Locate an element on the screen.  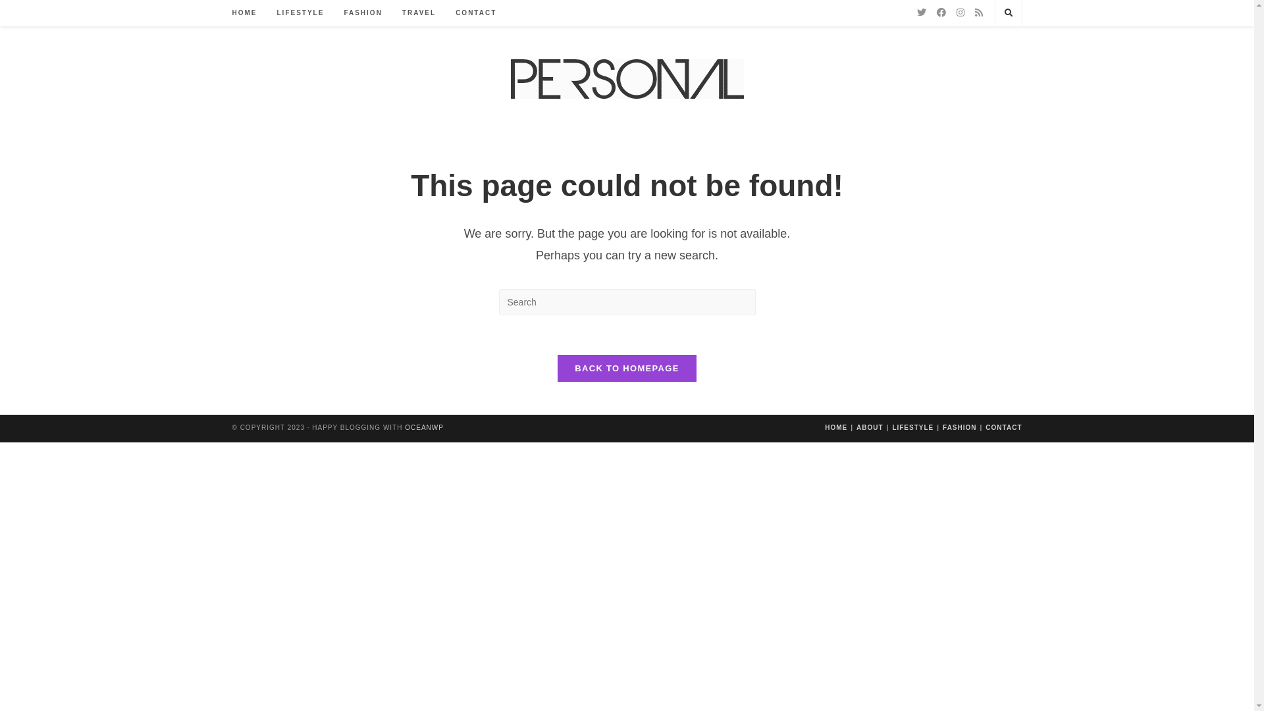
'HOME' is located at coordinates (835, 427).